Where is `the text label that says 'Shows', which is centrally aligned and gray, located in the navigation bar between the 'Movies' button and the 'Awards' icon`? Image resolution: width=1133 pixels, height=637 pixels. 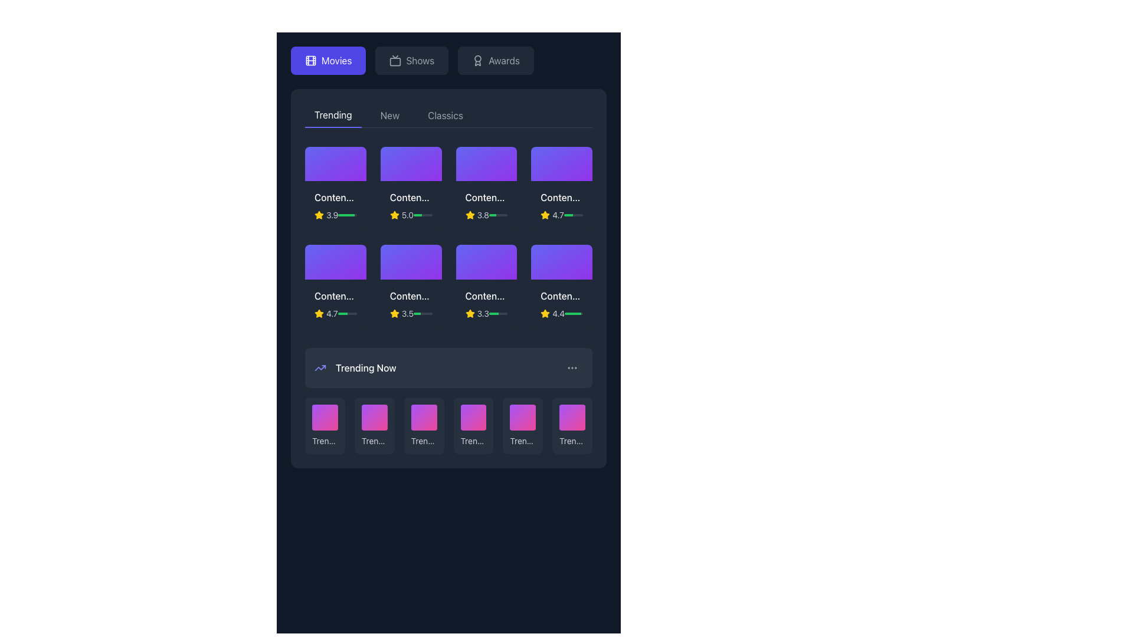 the text label that says 'Shows', which is centrally aligned and gray, located in the navigation bar between the 'Movies' button and the 'Awards' icon is located at coordinates (420, 61).